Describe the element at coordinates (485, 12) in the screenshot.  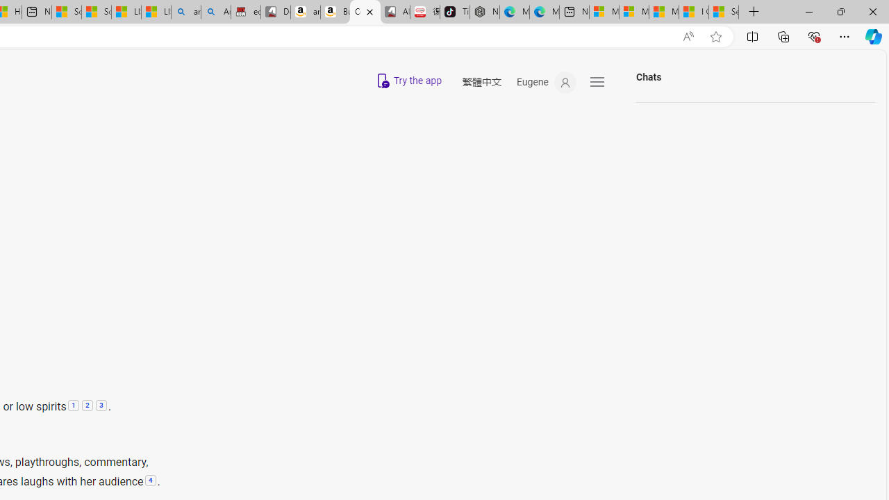
I see `'Nordace - Best Sellers'` at that location.